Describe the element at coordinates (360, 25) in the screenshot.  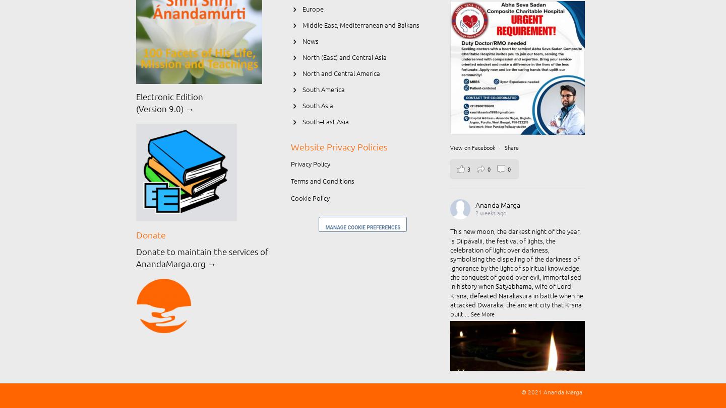
I see `'Middle East, Mediterranean and Balkans'` at that location.